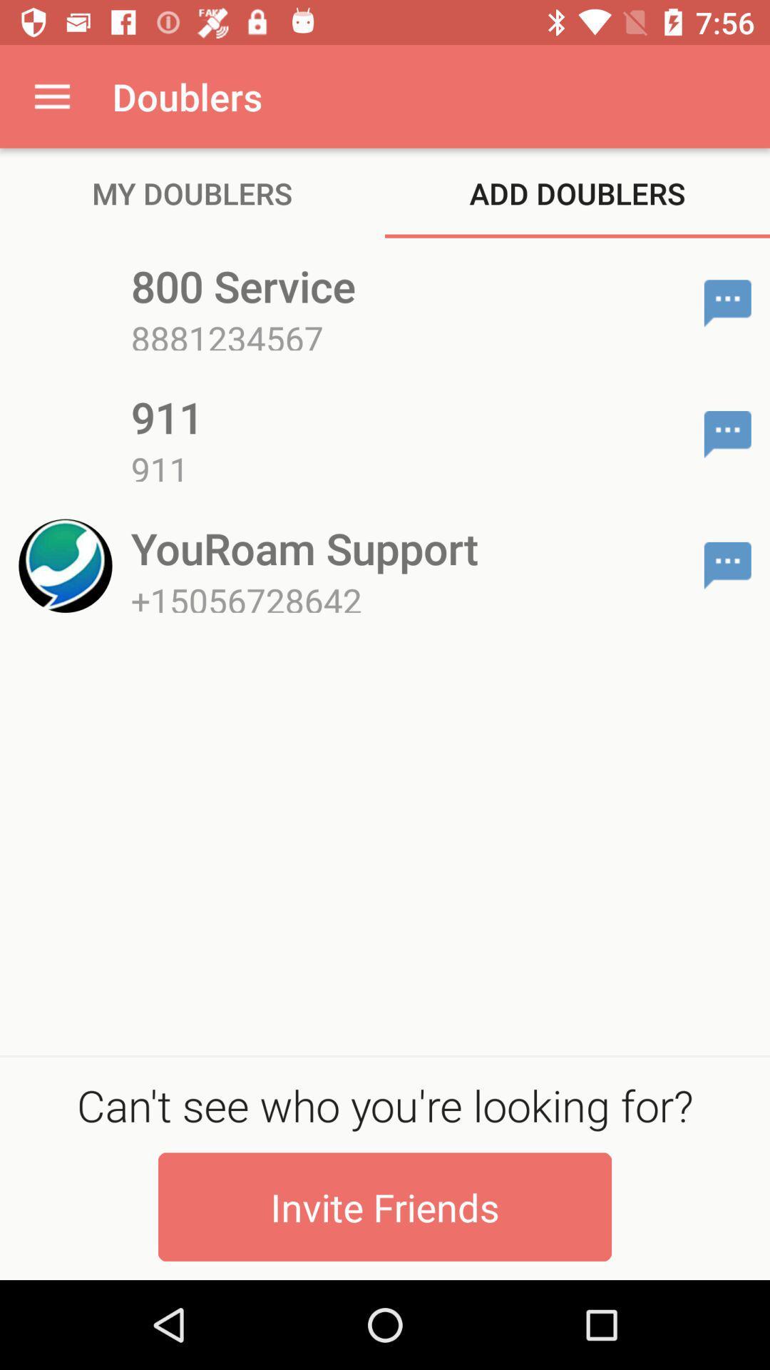 This screenshot has height=1370, width=770. I want to click on the item next to 911 item, so click(727, 434).